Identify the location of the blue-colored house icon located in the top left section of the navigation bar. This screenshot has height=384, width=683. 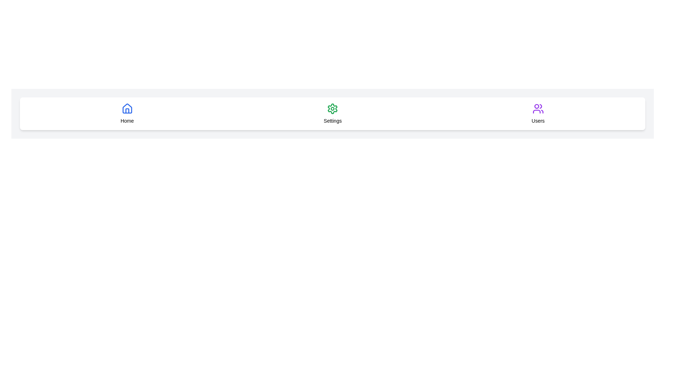
(127, 108).